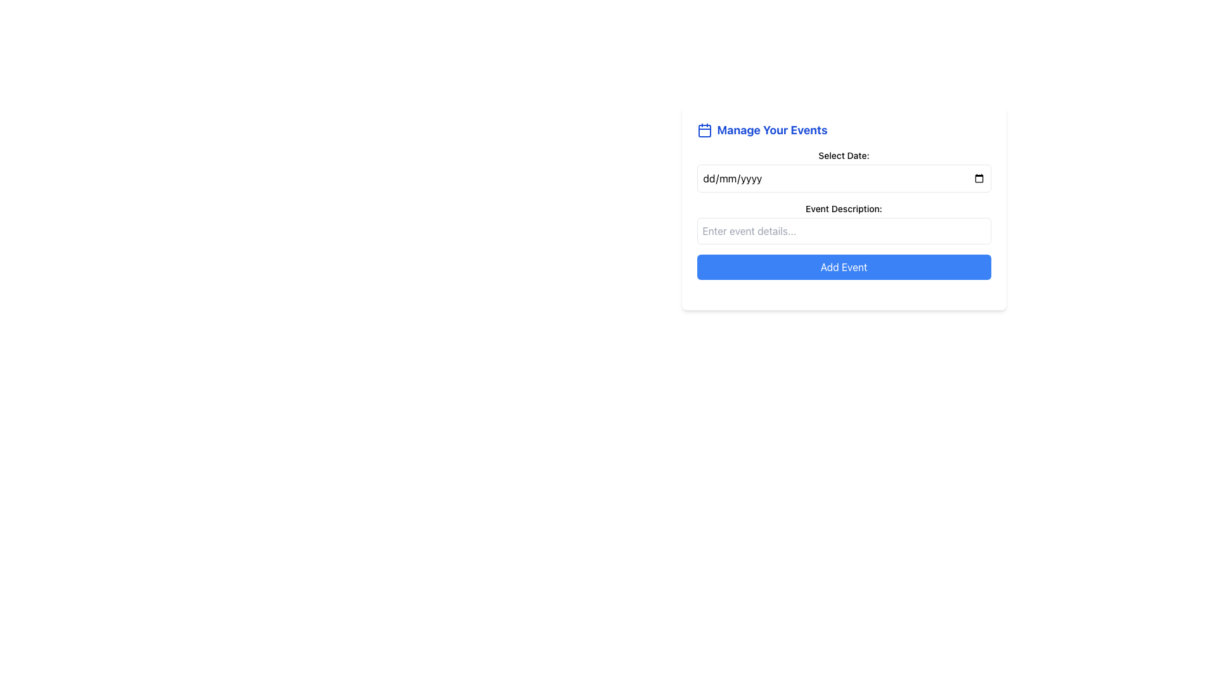  What do you see at coordinates (704, 130) in the screenshot?
I see `the calendar icon with a blue outline located immediately to the left of the 'Manage Your Events' text in the header section` at bounding box center [704, 130].